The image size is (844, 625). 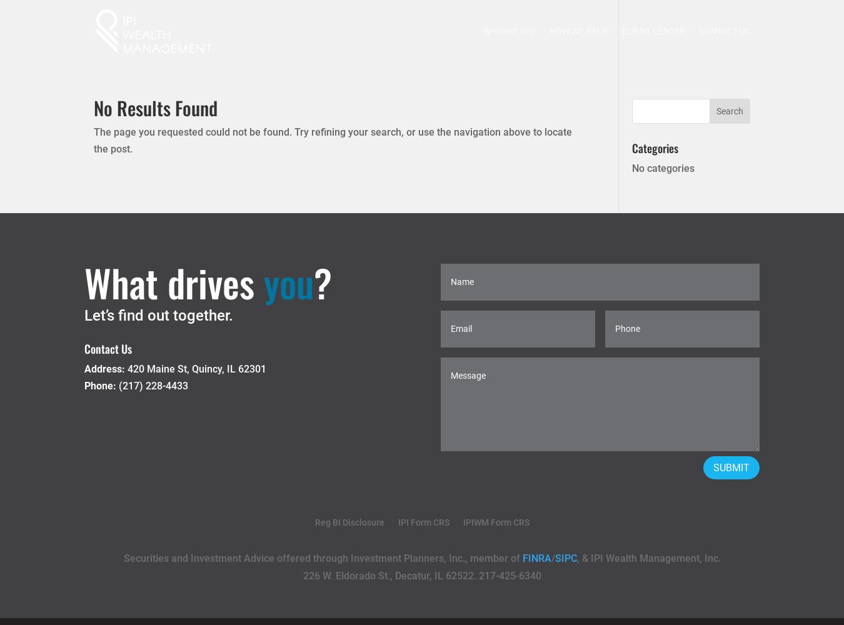 I want to click on 'Let’s find out together.', so click(x=84, y=316).